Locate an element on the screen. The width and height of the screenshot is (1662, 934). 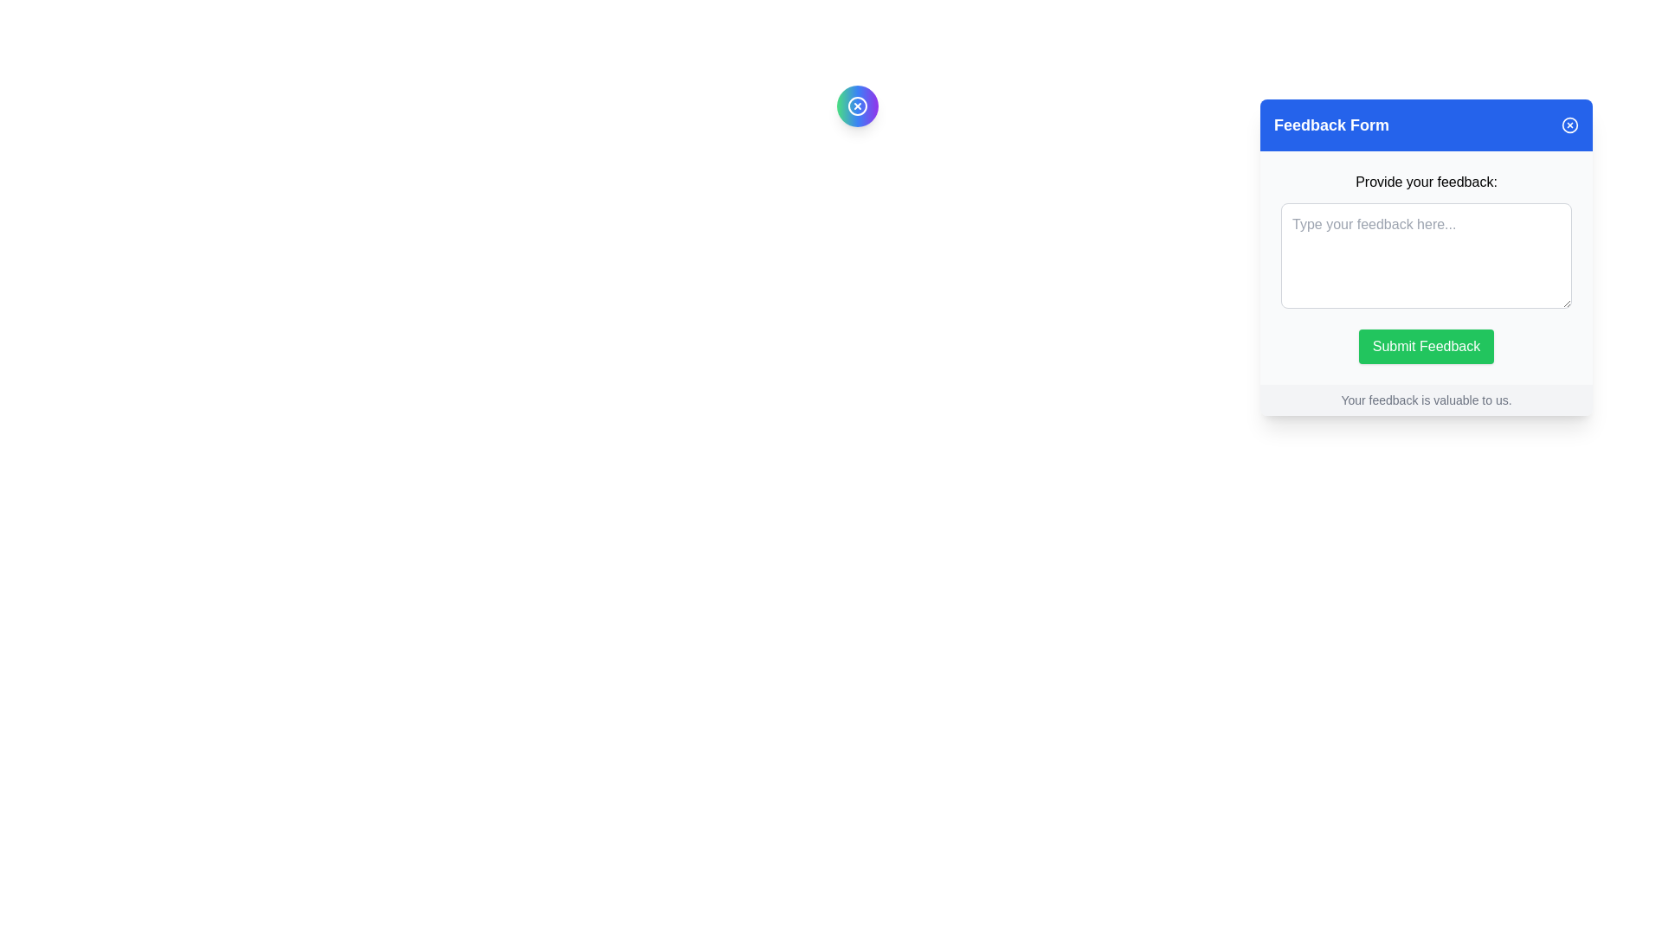
the circular close button with a gradient background and a white outlined cross inside, located prominently at the top center of the interface is located at coordinates (857, 106).